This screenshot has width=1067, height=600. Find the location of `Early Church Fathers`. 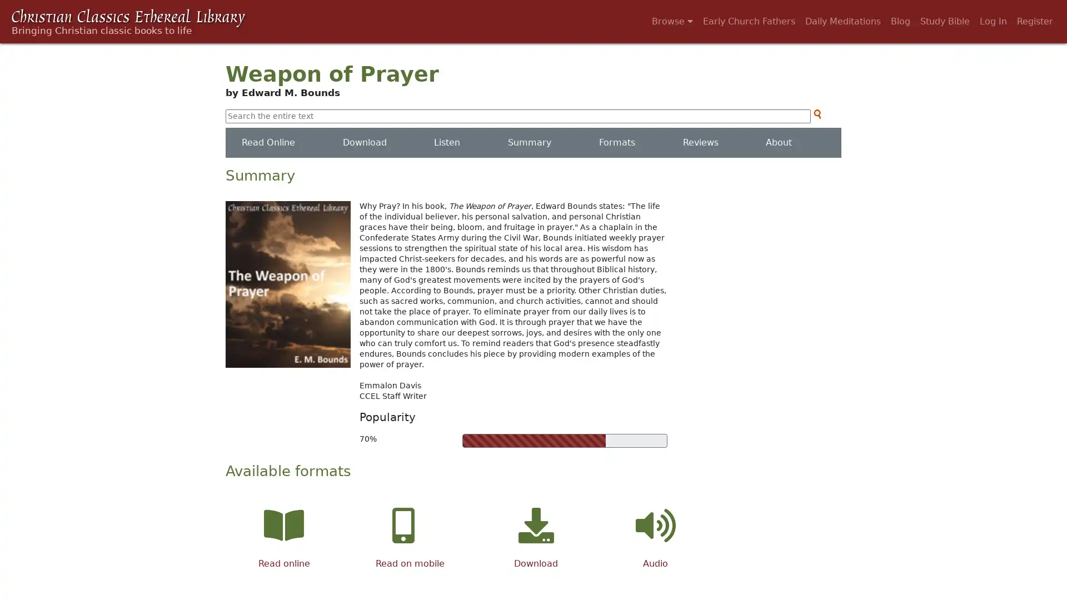

Early Church Fathers is located at coordinates (749, 21).